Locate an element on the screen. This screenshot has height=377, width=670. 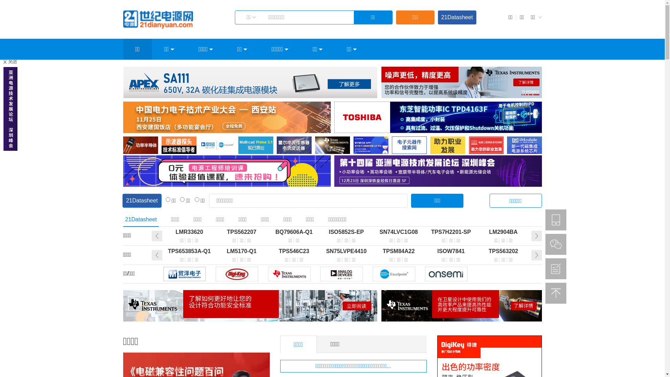
'BQ79606A-Q1' is located at coordinates (294, 232).